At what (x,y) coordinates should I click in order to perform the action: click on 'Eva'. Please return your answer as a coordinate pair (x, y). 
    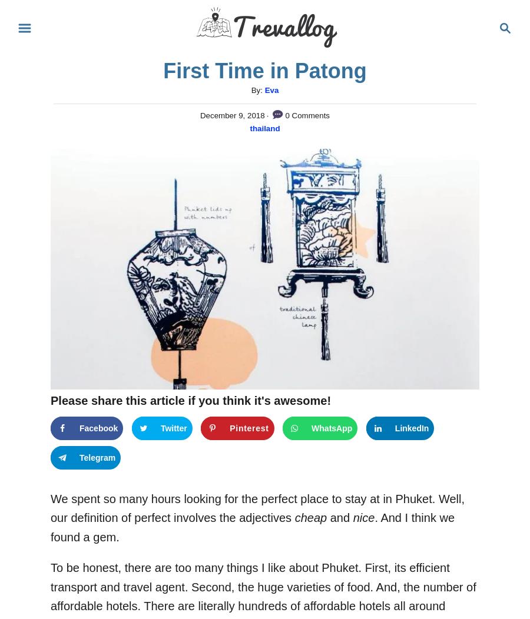
    Looking at the image, I should click on (270, 89).